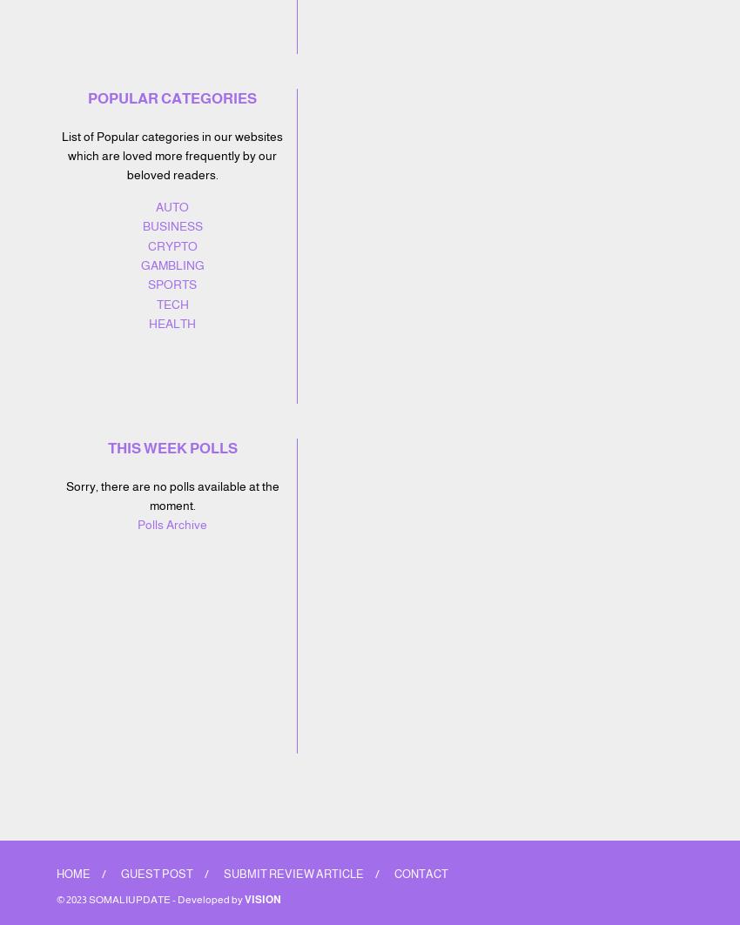 Image resolution: width=740 pixels, height=925 pixels. What do you see at coordinates (171, 447) in the screenshot?
I see `'THIS WEEK POLLS'` at bounding box center [171, 447].